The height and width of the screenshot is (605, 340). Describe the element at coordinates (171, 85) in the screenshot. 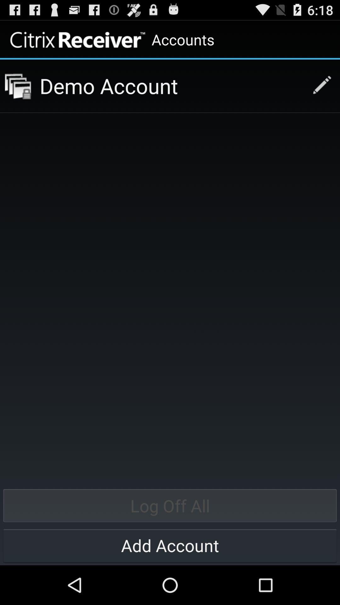

I see `app below the accounts item` at that location.